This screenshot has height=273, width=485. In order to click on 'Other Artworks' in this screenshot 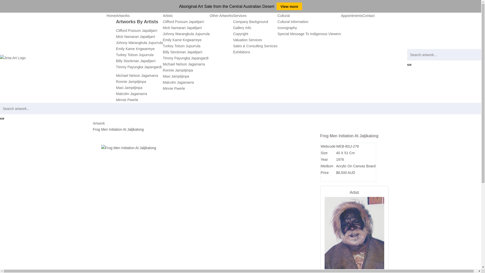, I will do `click(221, 15)`.